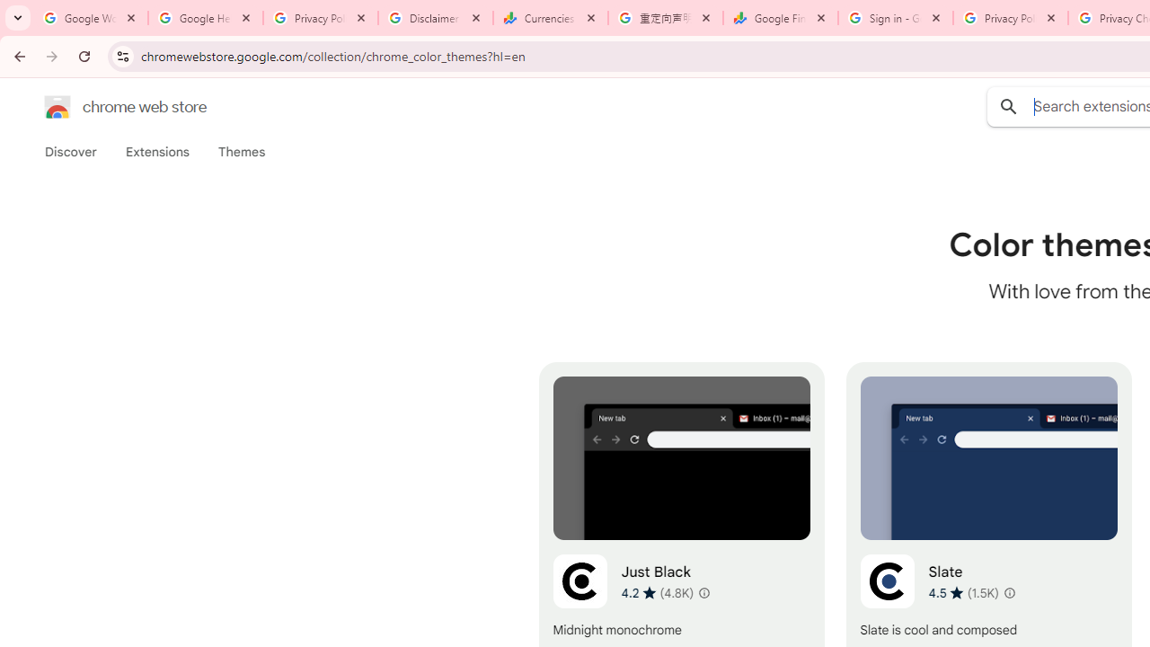 Image resolution: width=1150 pixels, height=647 pixels. I want to click on 'Learn more about results and reviews "Slate"', so click(1009, 592).